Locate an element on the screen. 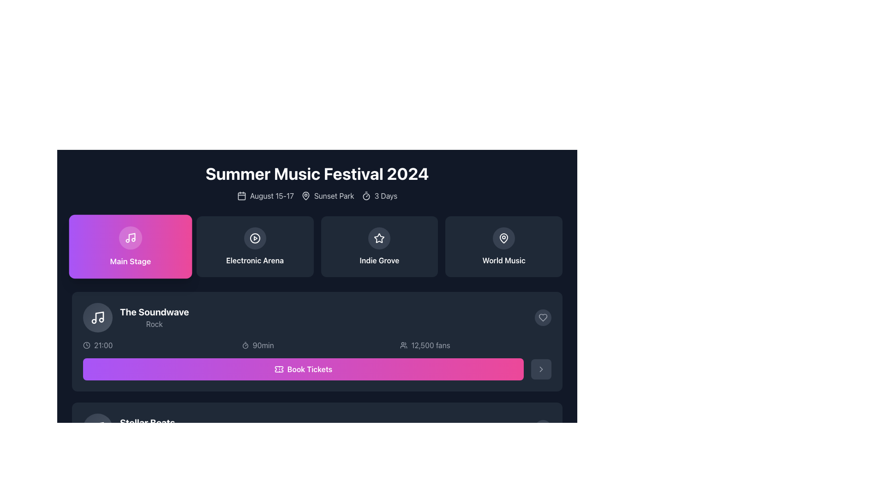 This screenshot has width=886, height=498. the music note-style icon that is part of a circular button, positioned to the left of the title 'The Soundwave - Rock' is located at coordinates (97, 317).